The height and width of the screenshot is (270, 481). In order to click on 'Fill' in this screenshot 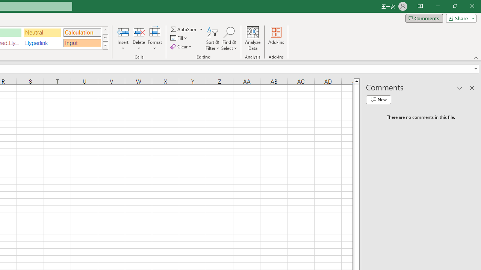, I will do `click(179, 38)`.